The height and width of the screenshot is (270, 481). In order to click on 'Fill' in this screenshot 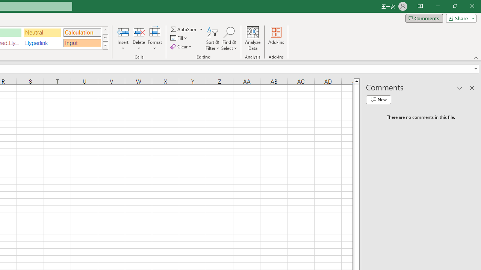, I will do `click(179, 38)`.